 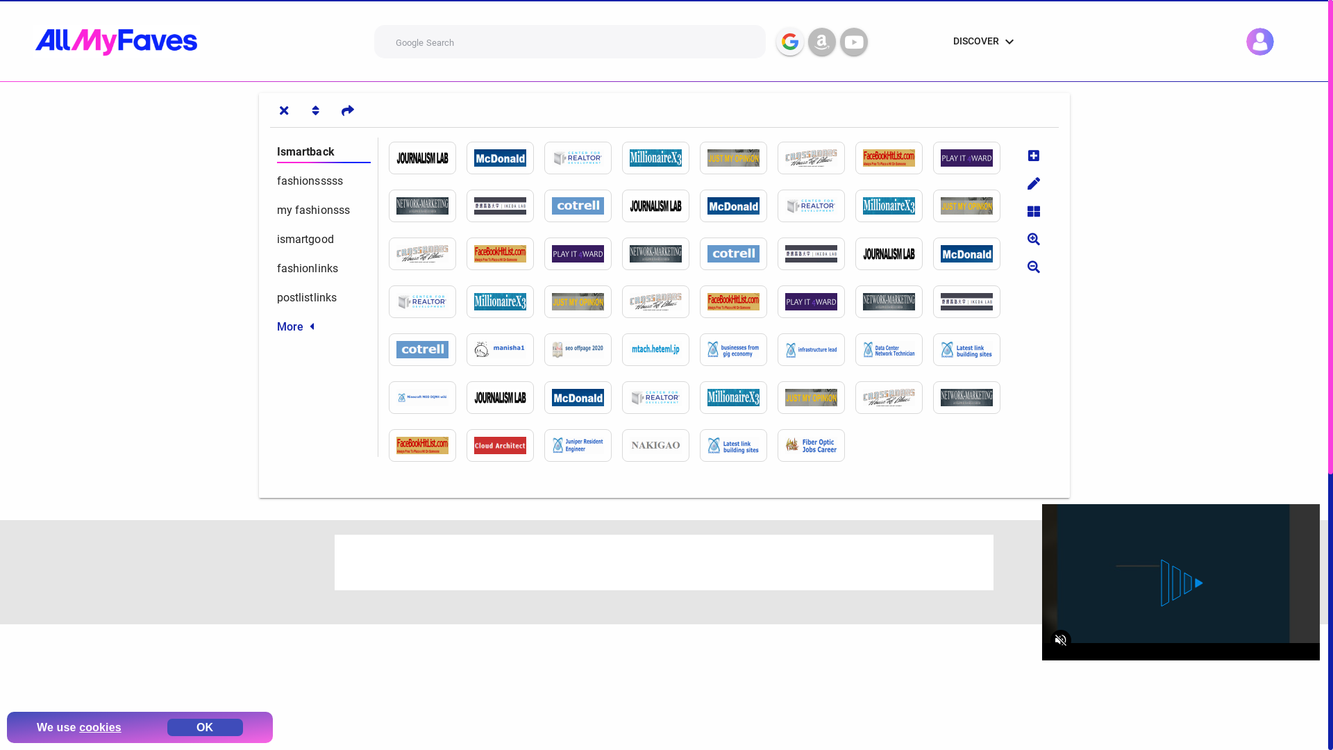 What do you see at coordinates (426, 253) in the screenshot?
I see `'http://crossroadshob.ning.com/profiles/blogs/stylee-fashions'` at bounding box center [426, 253].